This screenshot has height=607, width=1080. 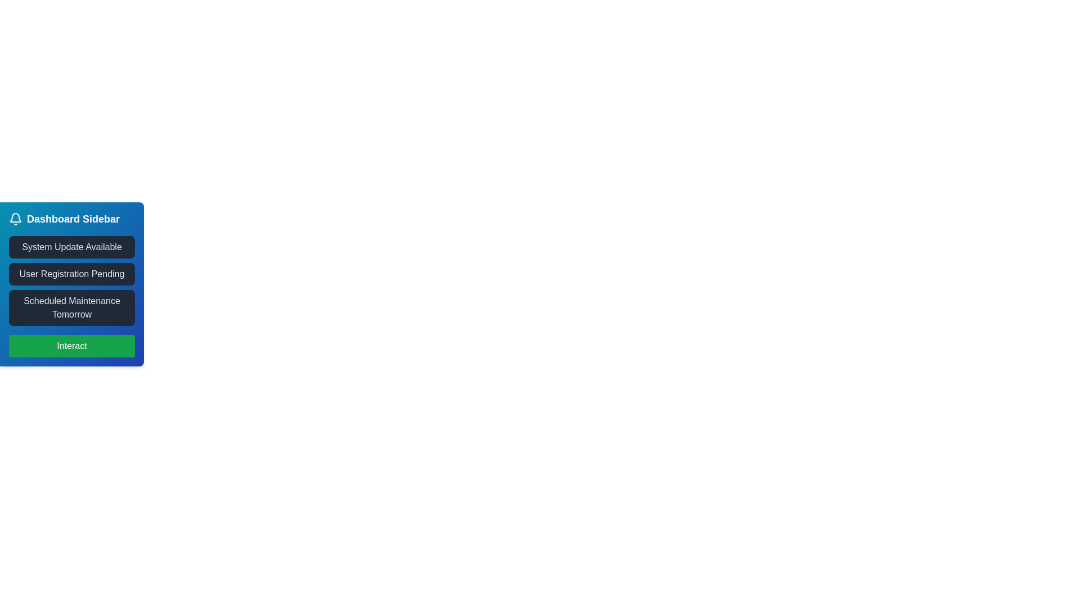 I want to click on the bell icon located to the left of the 'Dashboard Sidebar' text in the sidebar, which serves as a notification indicator, so click(x=16, y=219).